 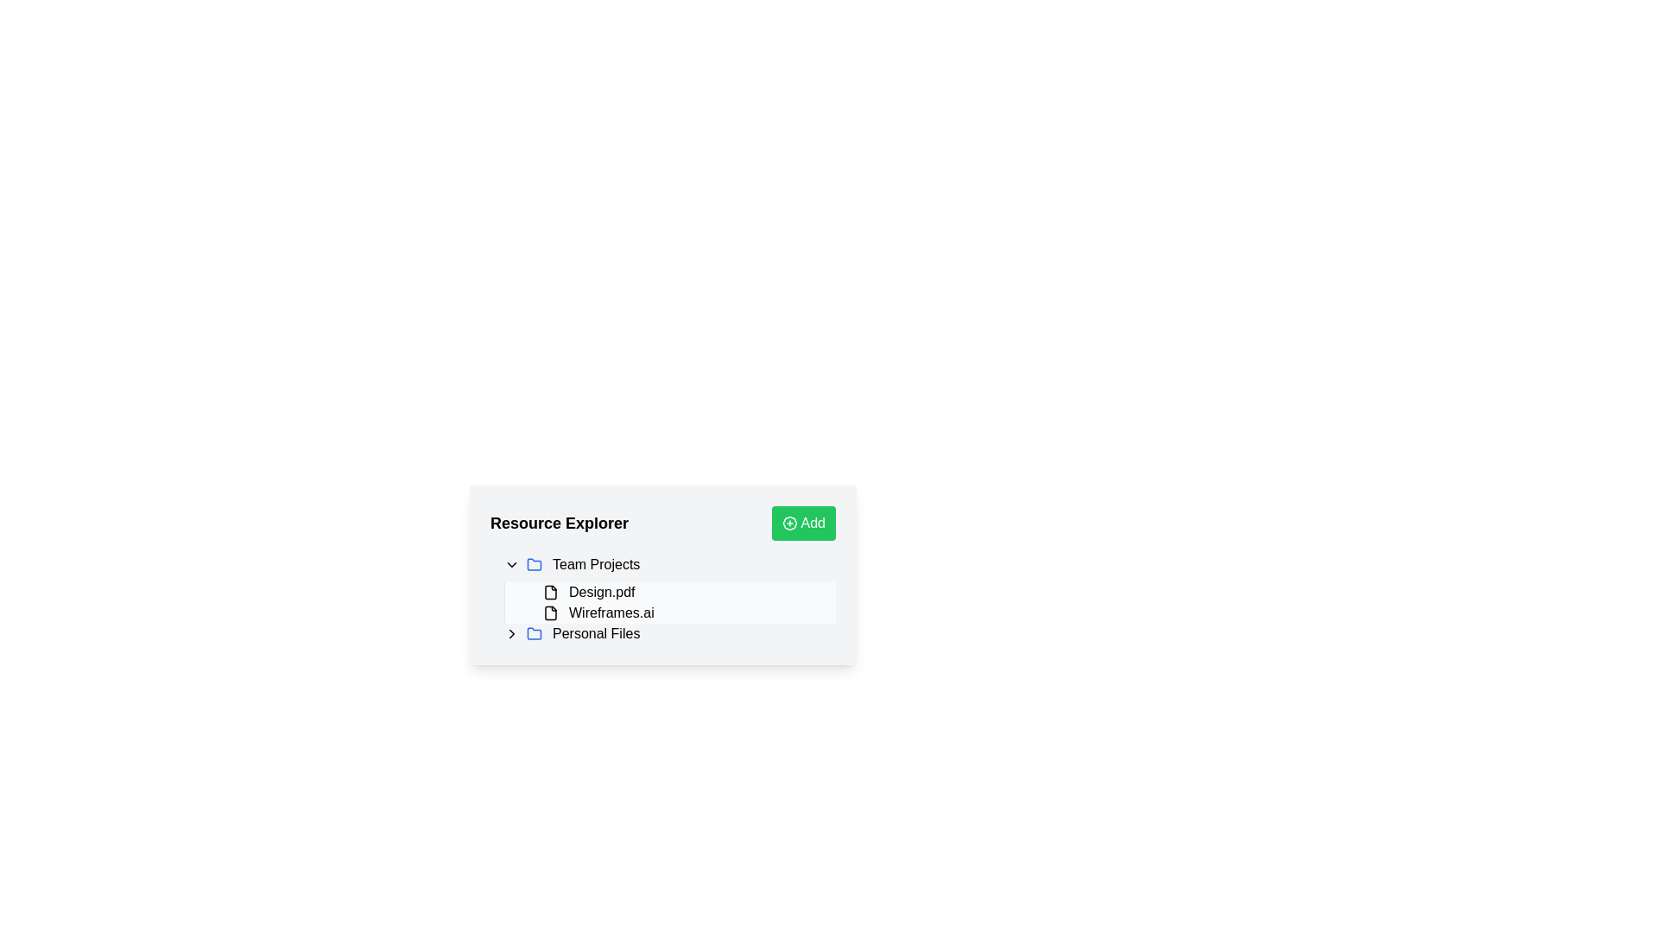 What do you see at coordinates (534, 563) in the screenshot?
I see `the folder icon located to the right of the 'Personal Files' folder label in the Resource Explorer interface` at bounding box center [534, 563].